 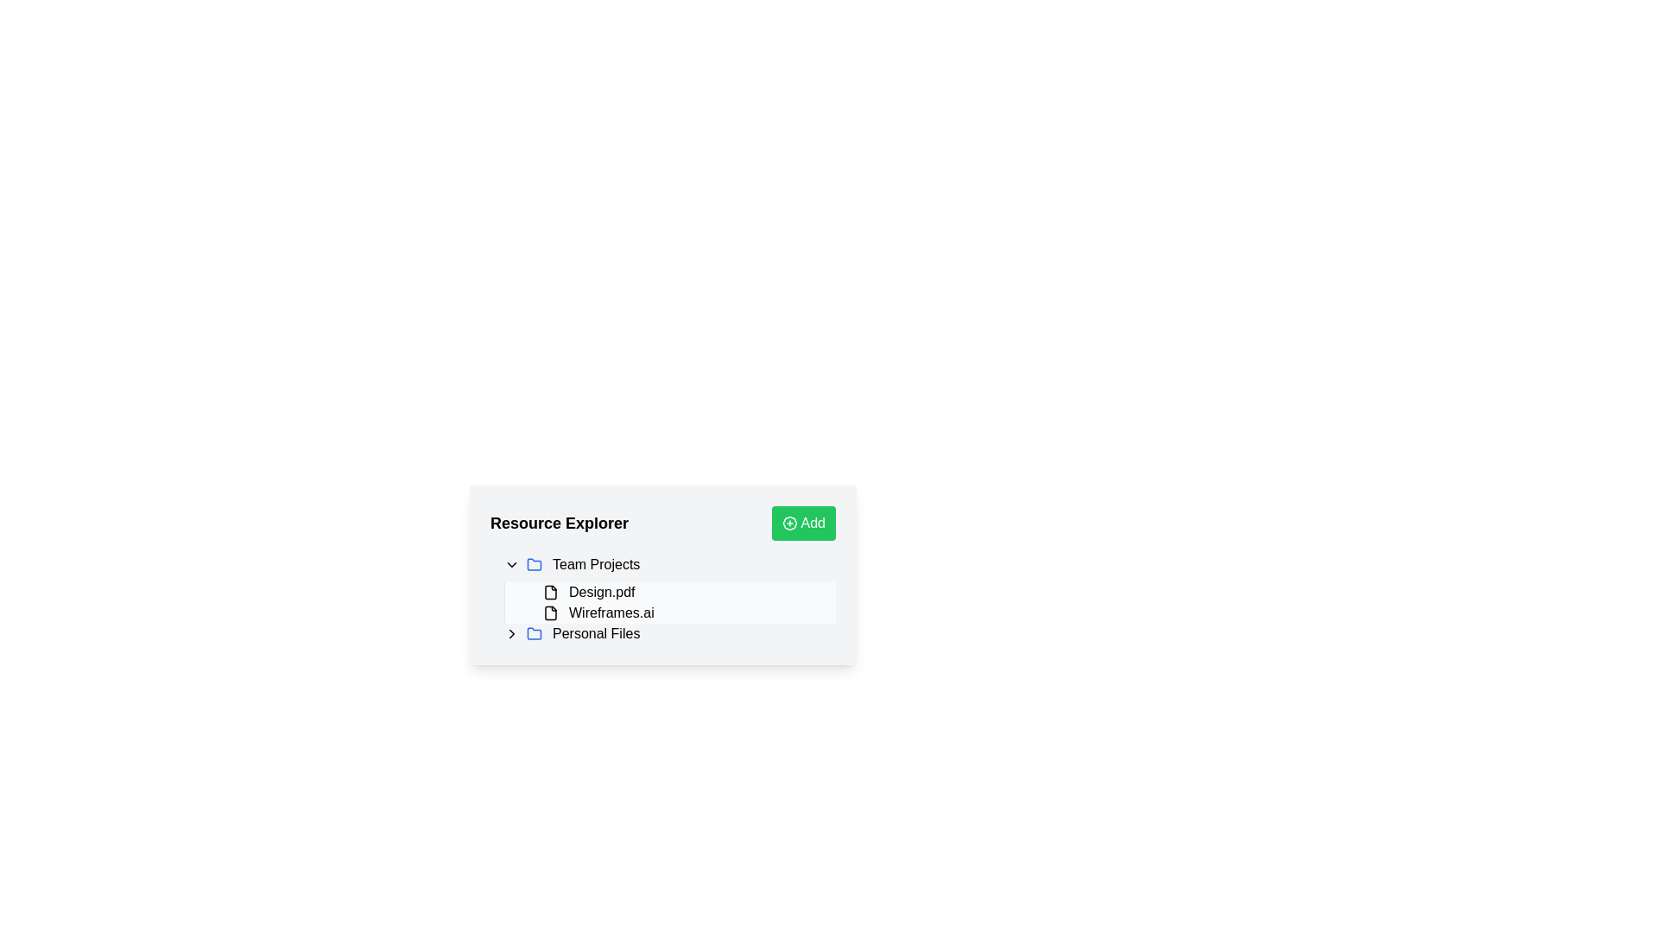 What do you see at coordinates (534, 563) in the screenshot?
I see `the folder icon located to the right of the 'Personal Files' folder label in the Resource Explorer interface` at bounding box center [534, 563].